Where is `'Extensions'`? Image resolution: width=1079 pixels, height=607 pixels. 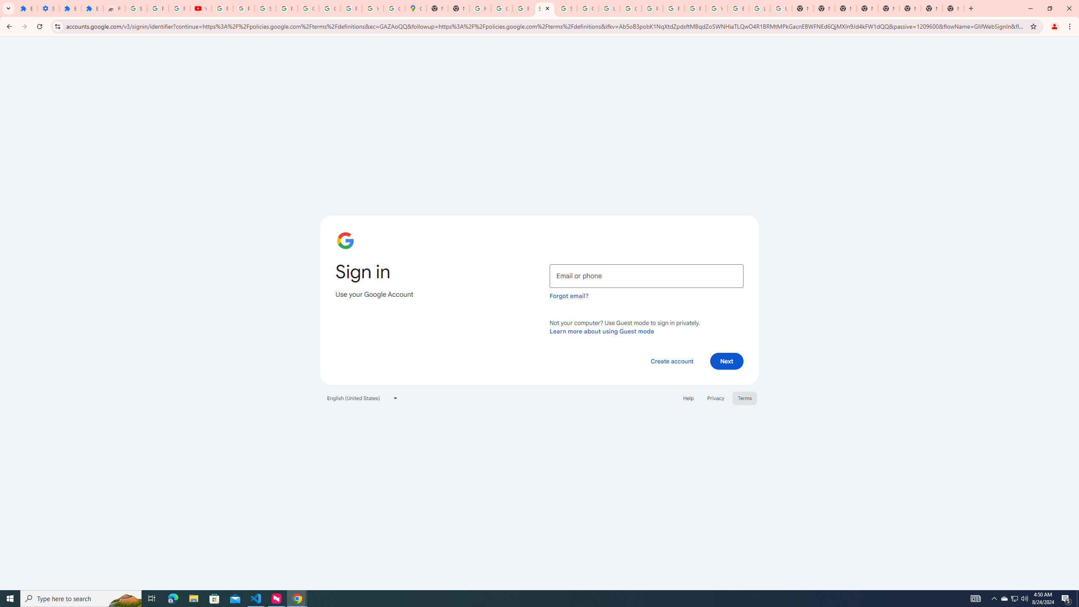
'Extensions' is located at coordinates (70, 8).